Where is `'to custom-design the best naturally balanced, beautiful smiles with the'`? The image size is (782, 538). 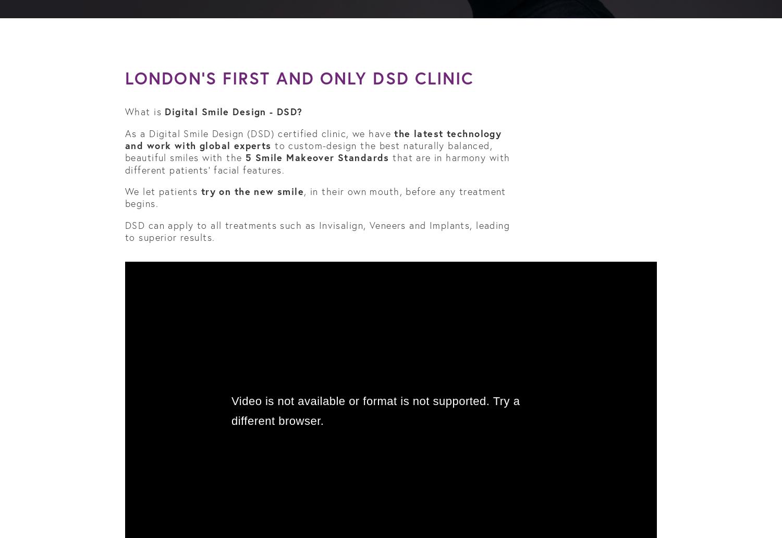 'to custom-design the best naturally balanced, beautiful smiles with the' is located at coordinates (310, 151).